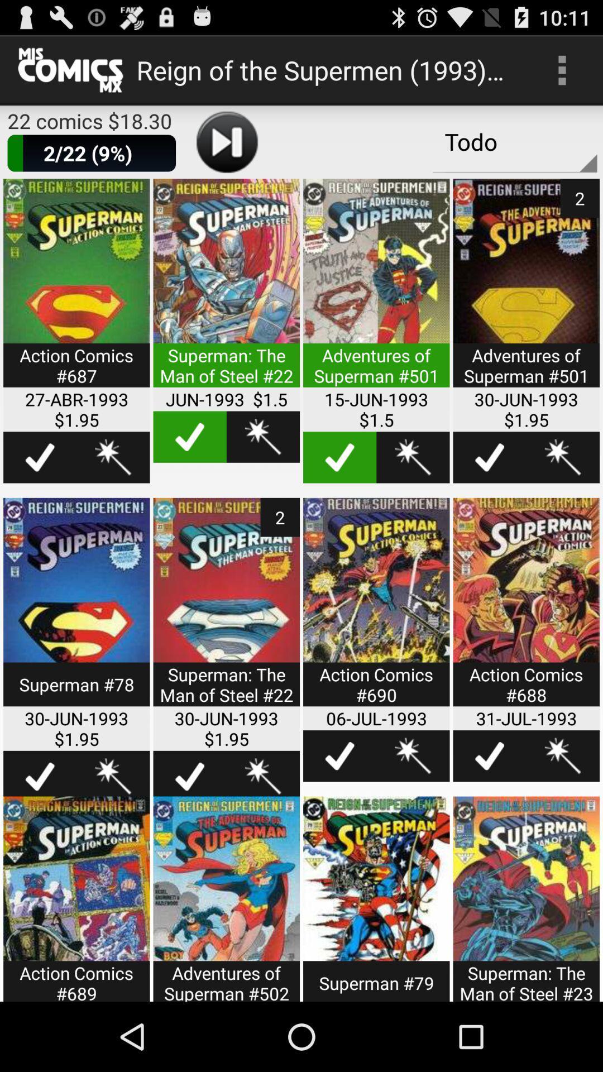 Image resolution: width=603 pixels, height=1072 pixels. Describe the element at coordinates (563, 457) in the screenshot. I see `magic wand` at that location.